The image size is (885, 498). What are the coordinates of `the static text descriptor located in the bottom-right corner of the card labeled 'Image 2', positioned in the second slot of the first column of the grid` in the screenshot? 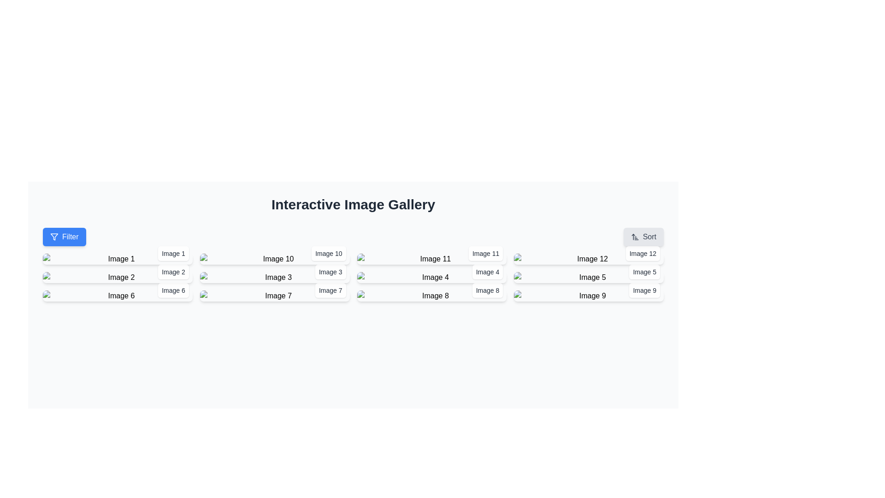 It's located at (173, 272).